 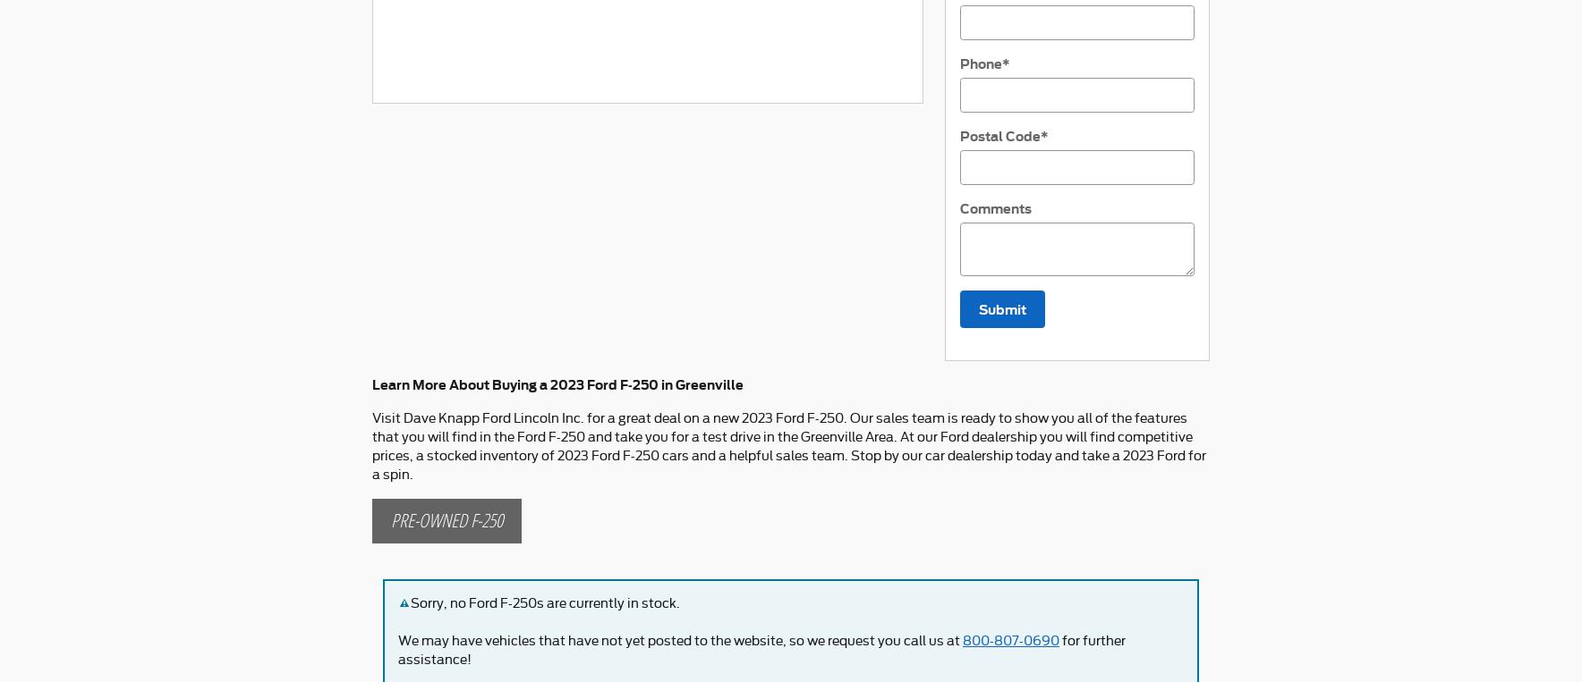 What do you see at coordinates (446, 518) in the screenshot?
I see `'Pre-Owned F-250'` at bounding box center [446, 518].